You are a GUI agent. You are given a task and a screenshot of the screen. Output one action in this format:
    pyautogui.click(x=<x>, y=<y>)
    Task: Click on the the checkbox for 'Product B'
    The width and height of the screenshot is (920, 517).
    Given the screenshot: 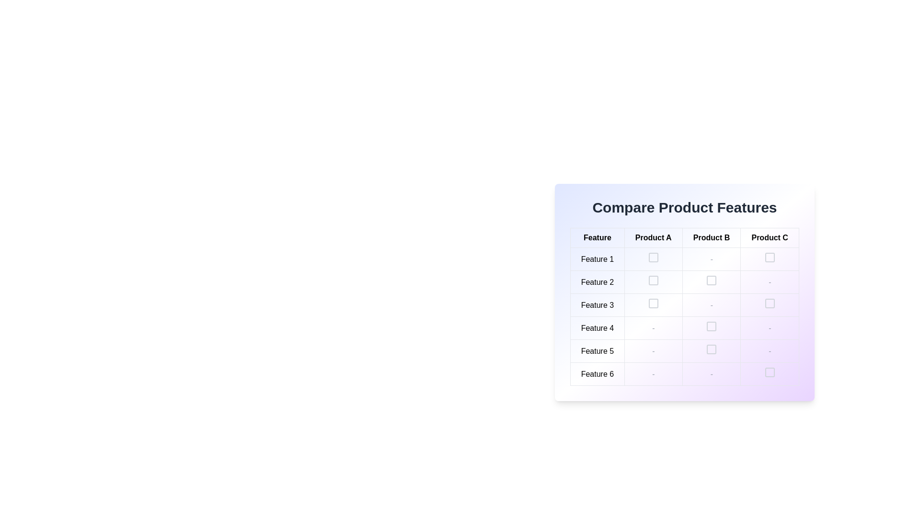 What is the action you would take?
    pyautogui.click(x=711, y=280)
    